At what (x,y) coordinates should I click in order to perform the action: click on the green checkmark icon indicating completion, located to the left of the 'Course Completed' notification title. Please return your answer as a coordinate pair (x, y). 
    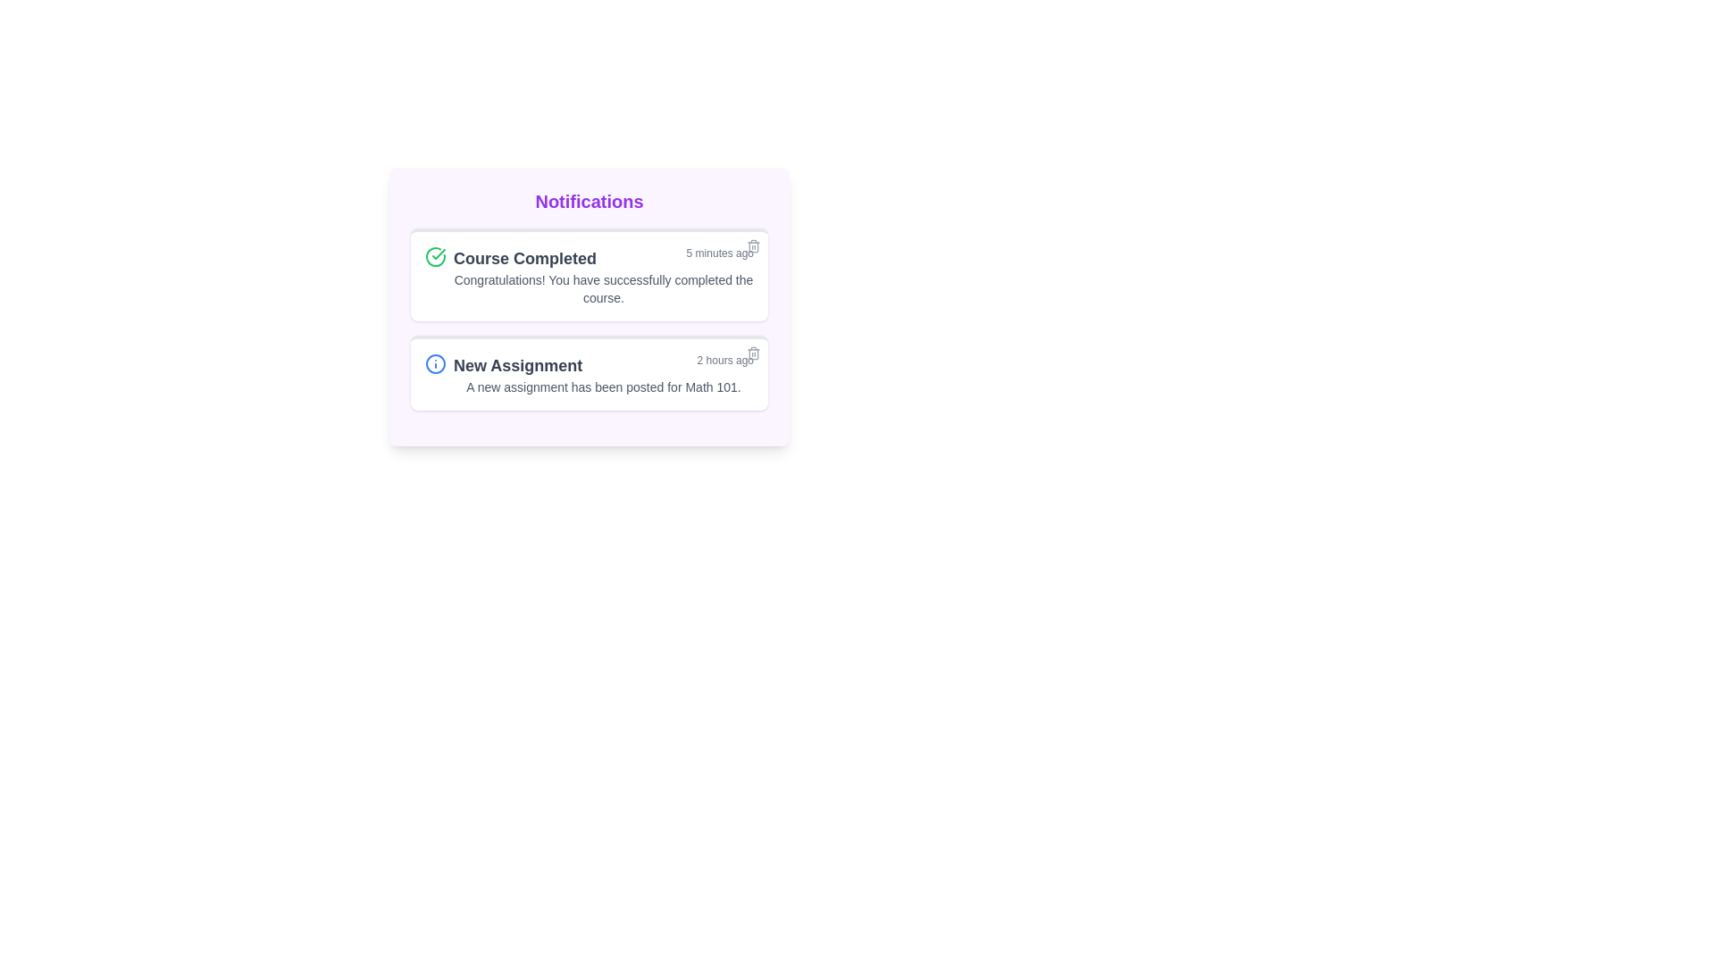
    Looking at the image, I should click on (436, 257).